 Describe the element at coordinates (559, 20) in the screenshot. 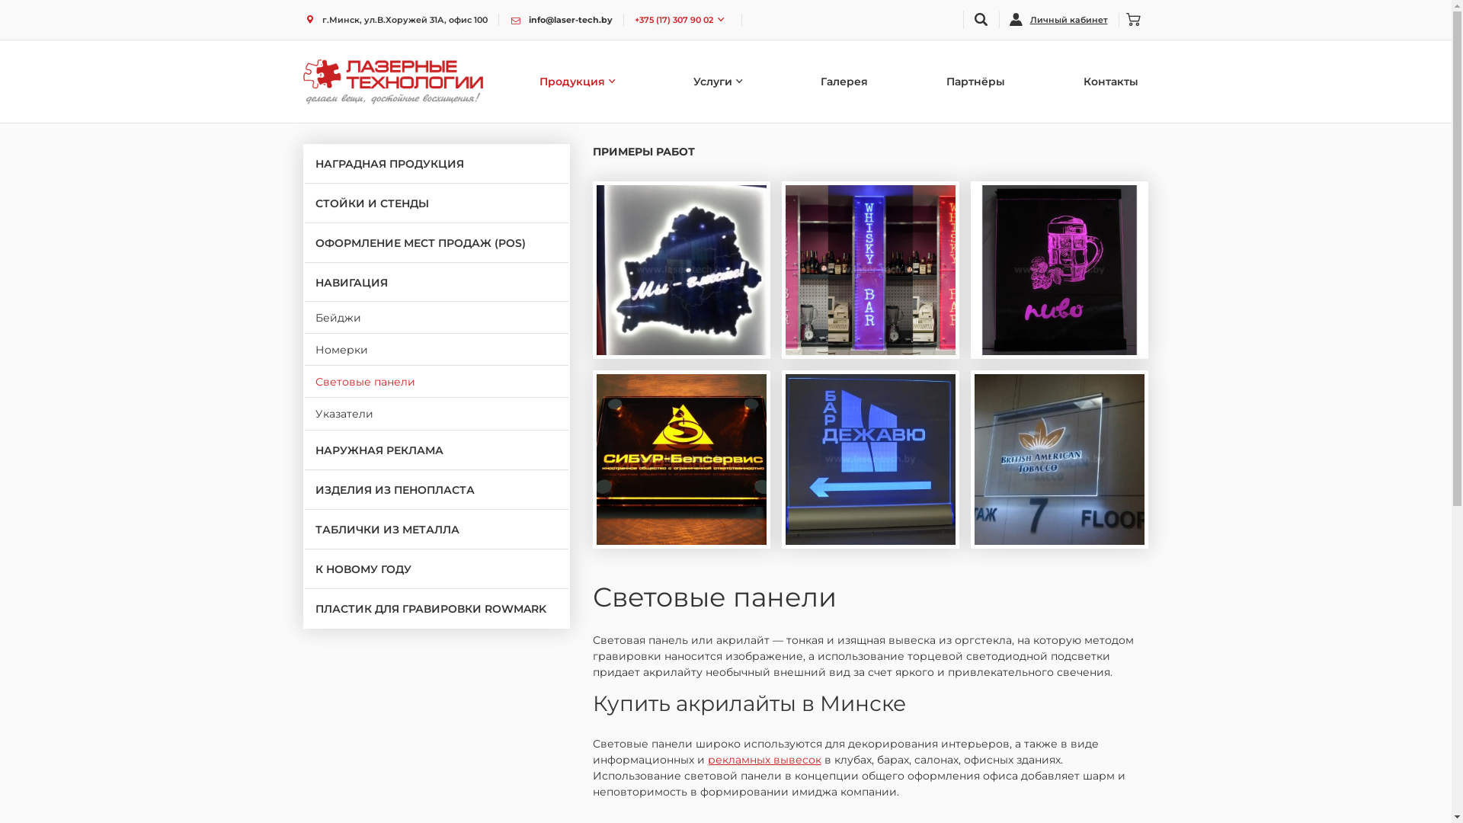

I see `'info@laser-tech.by'` at that location.